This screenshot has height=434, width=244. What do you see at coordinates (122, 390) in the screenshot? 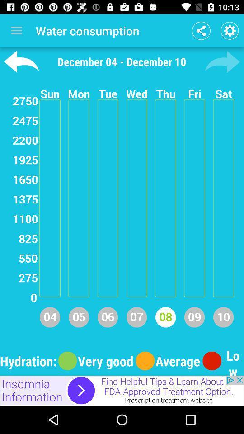
I see `insomnia add` at bounding box center [122, 390].